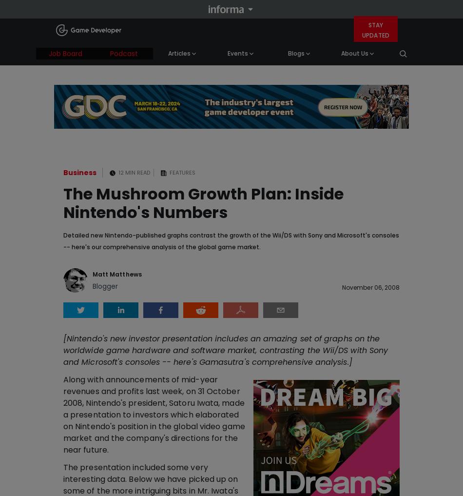 The width and height of the screenshot is (463, 496). I want to click on 'Articles', so click(178, 53).